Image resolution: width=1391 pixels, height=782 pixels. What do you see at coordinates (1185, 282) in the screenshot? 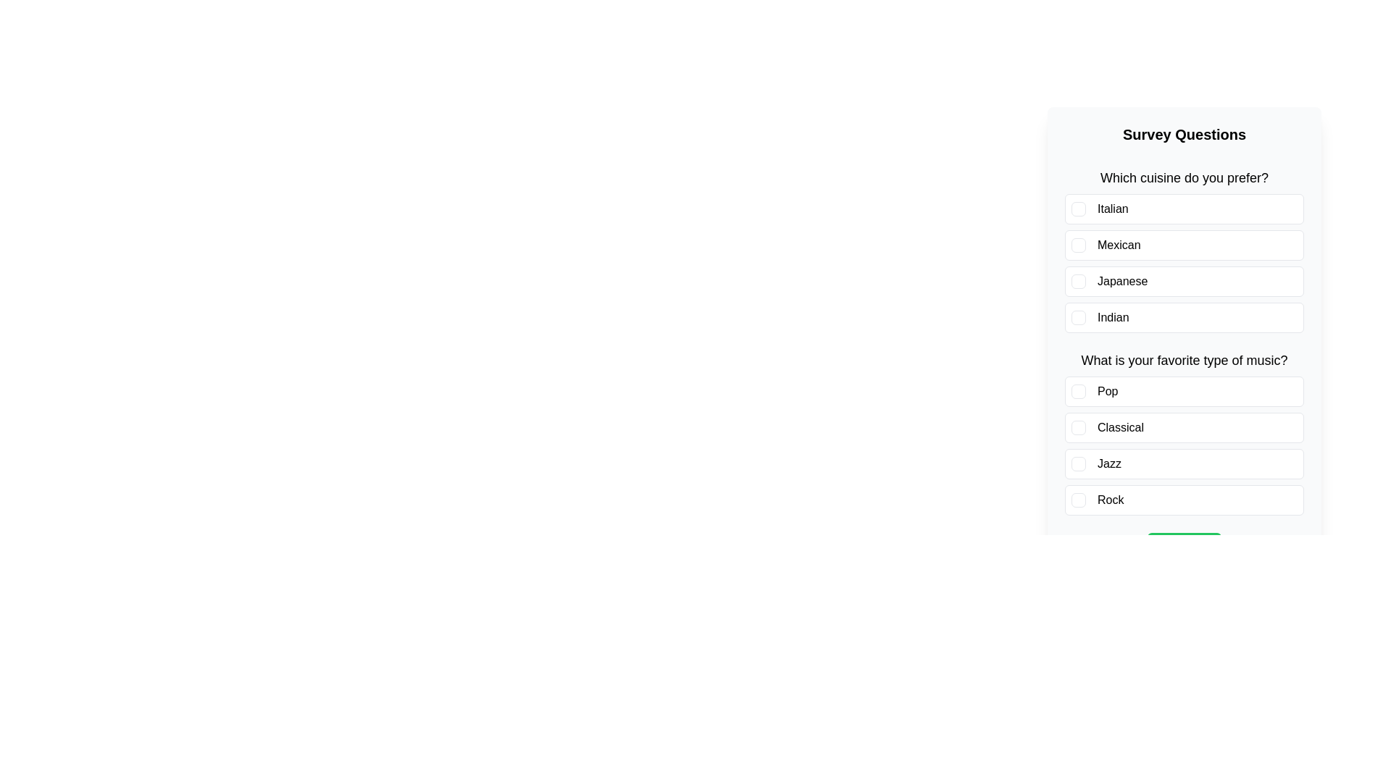
I see `the answer option Japanese` at bounding box center [1185, 282].